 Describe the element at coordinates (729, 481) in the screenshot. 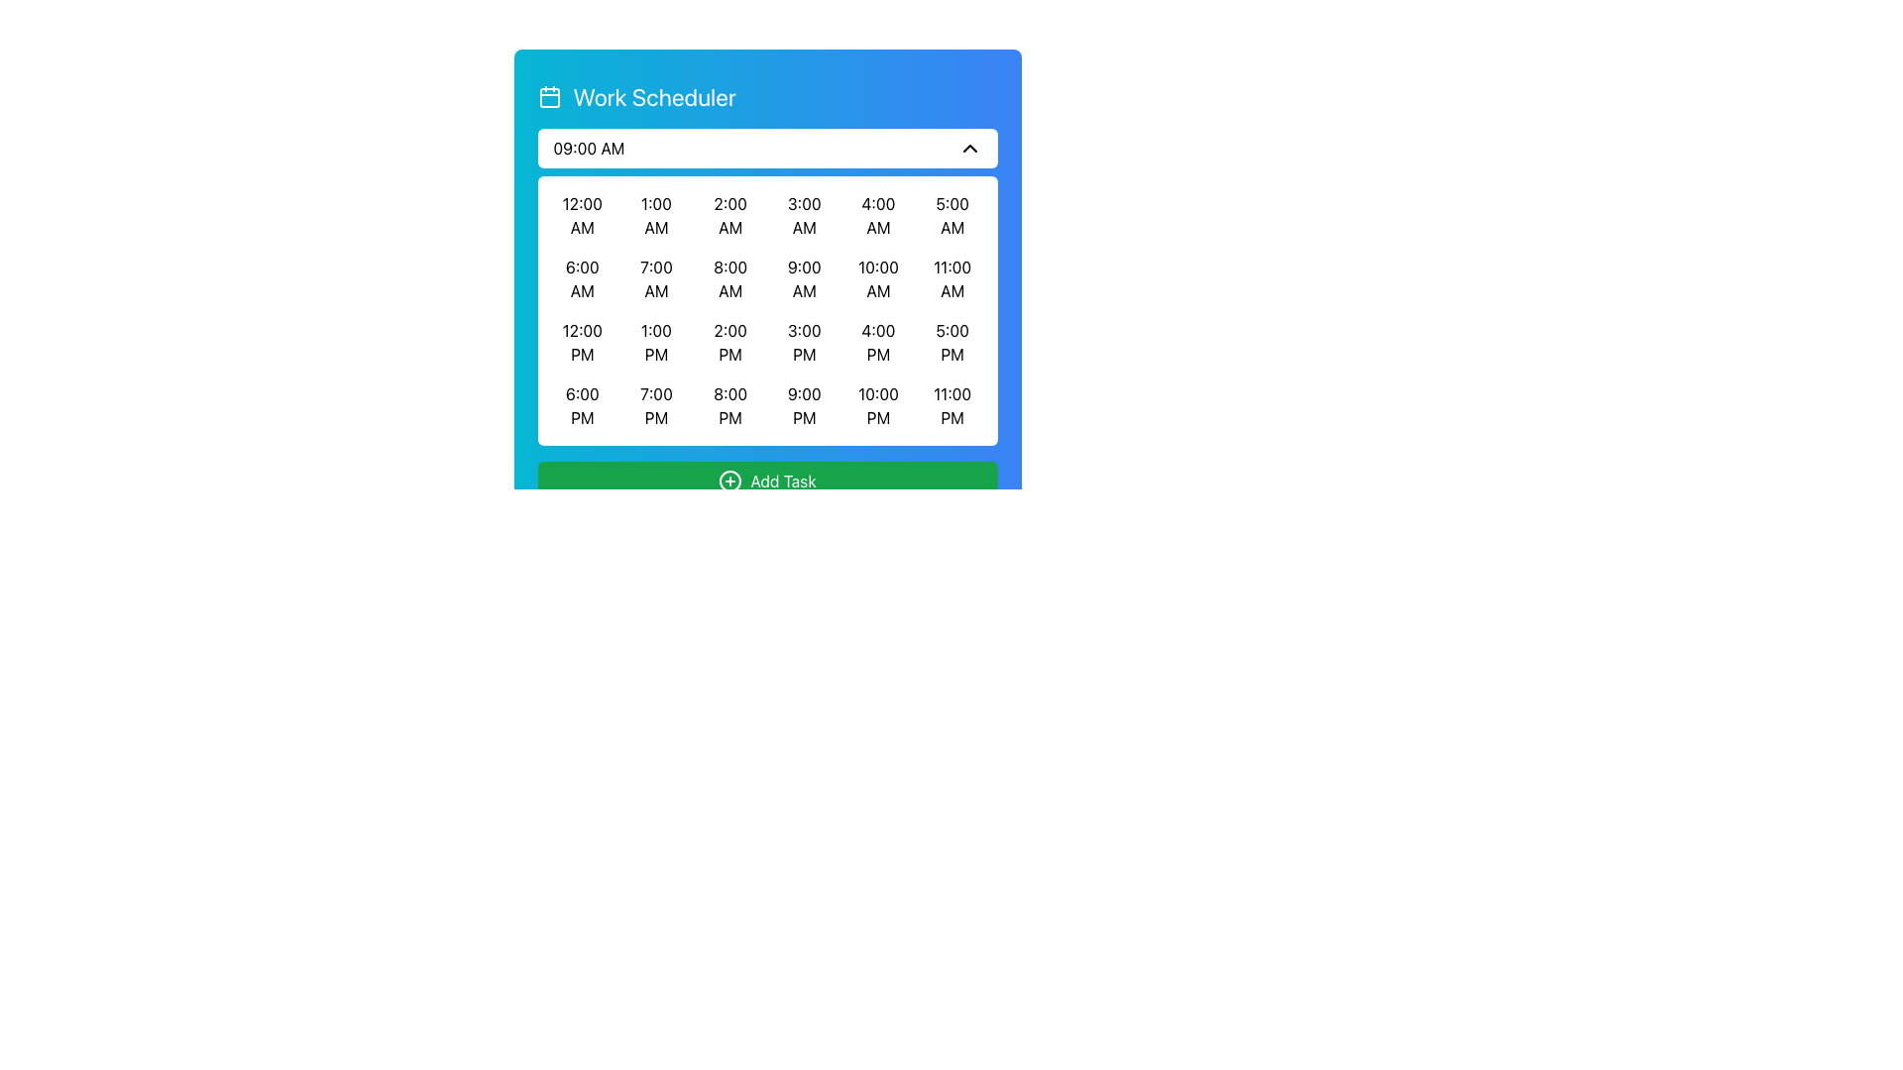

I see `the icon that visually represents the action of adding or creating a new task, located at the center-left of the 'Add Task' button` at that location.